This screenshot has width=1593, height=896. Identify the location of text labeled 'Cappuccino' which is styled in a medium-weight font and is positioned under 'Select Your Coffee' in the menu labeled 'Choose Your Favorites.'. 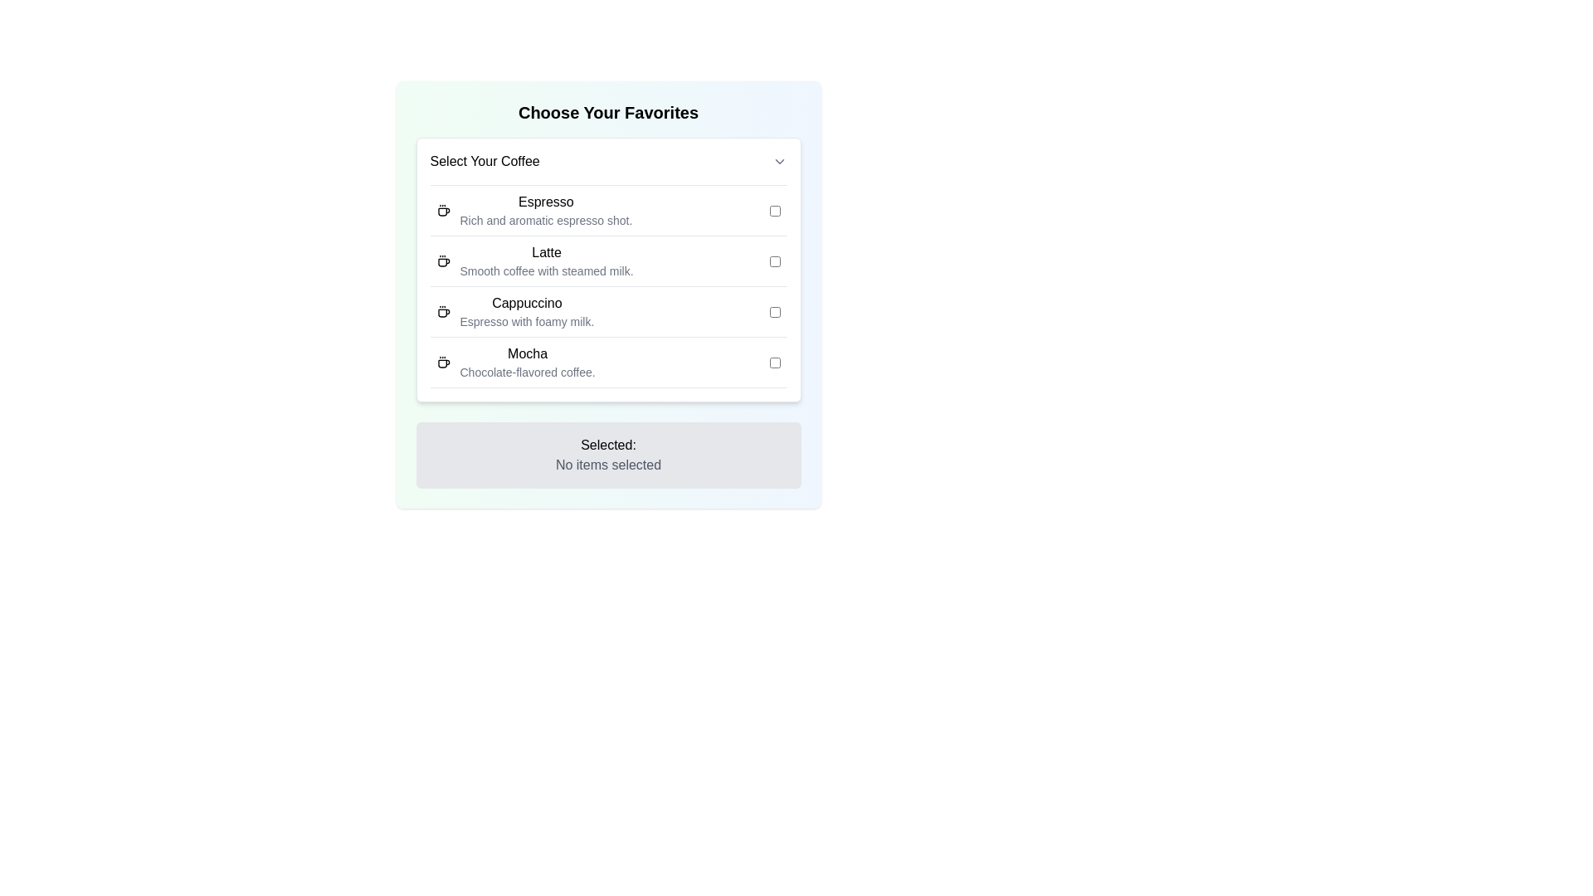
(526, 304).